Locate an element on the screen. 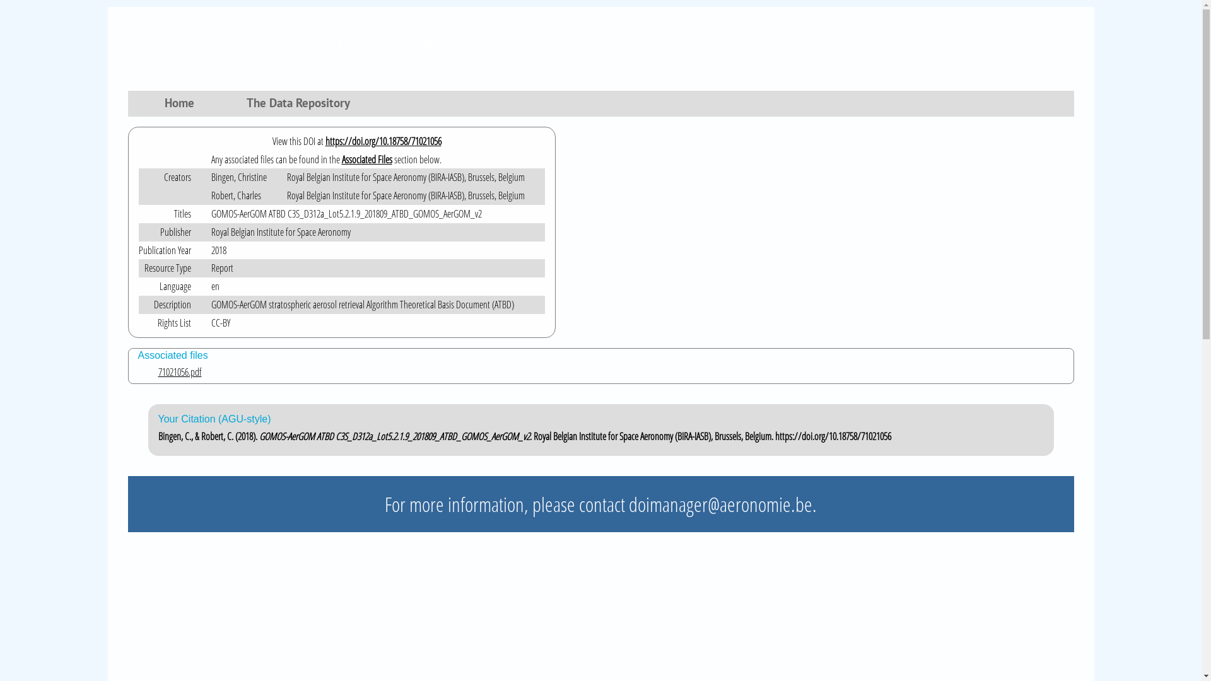  '71021056.pdf' is located at coordinates (611, 371).